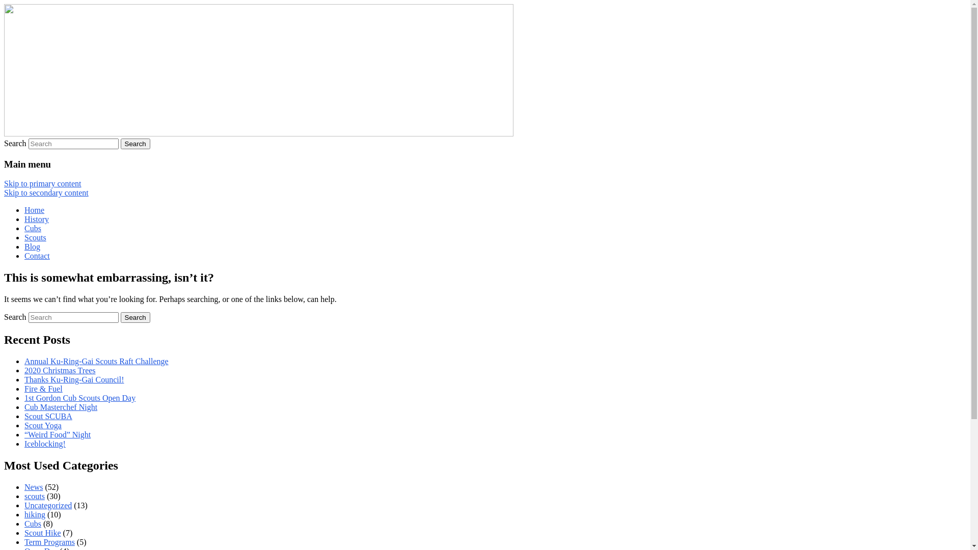 This screenshot has height=550, width=978. I want to click on '2020 Christmas Trees', so click(60, 370).